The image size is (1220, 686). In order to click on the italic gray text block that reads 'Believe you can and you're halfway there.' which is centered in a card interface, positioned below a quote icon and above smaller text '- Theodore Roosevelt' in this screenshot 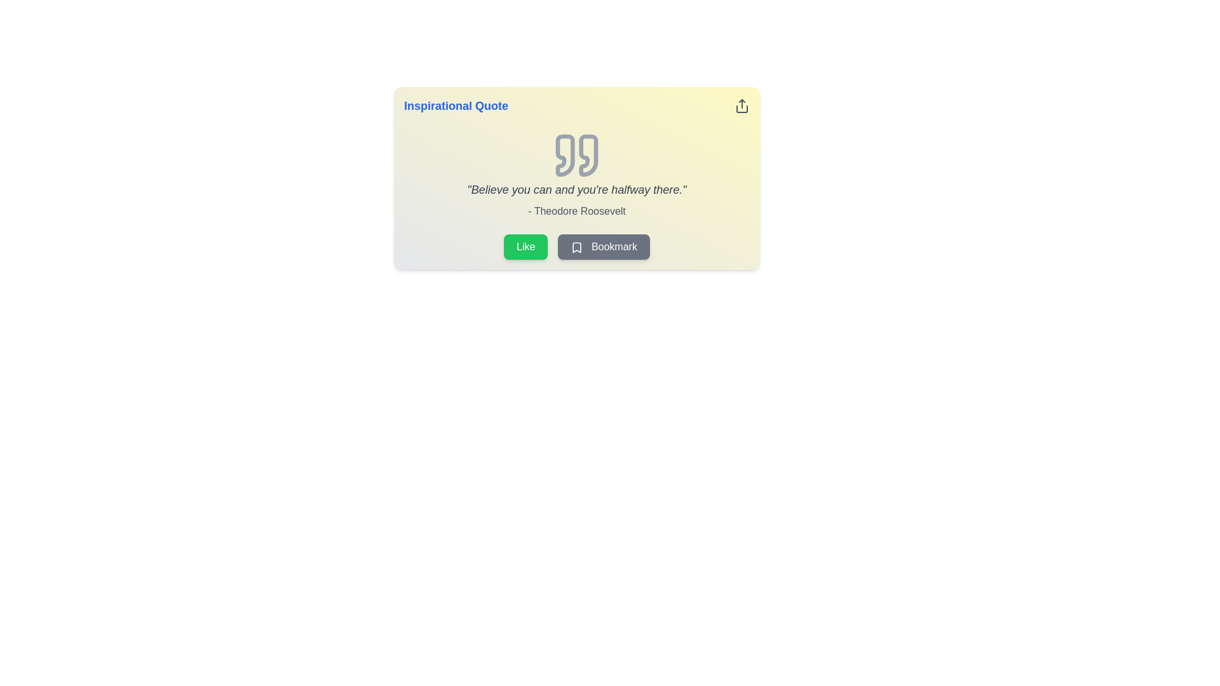, I will do `click(576, 190)`.